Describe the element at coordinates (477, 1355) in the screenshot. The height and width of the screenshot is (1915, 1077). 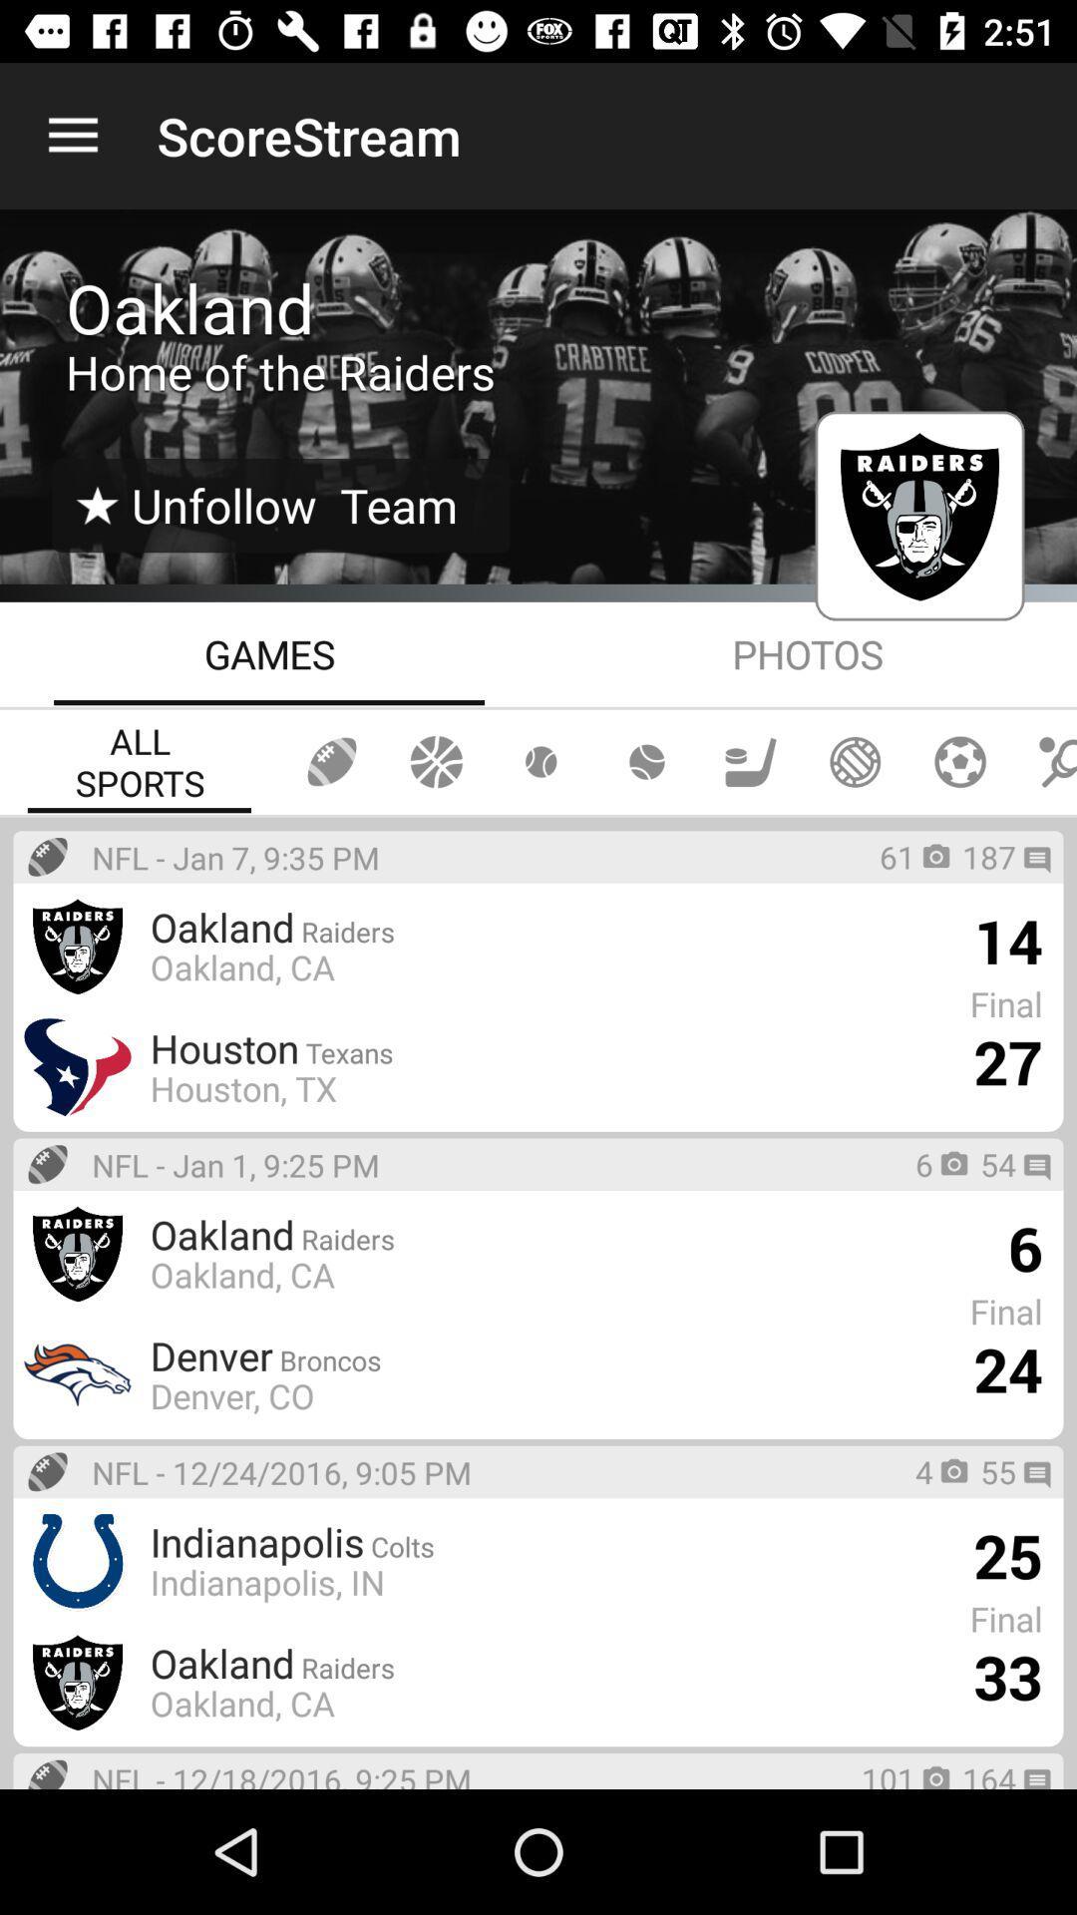
I see `icon below oakland, ca app` at that location.